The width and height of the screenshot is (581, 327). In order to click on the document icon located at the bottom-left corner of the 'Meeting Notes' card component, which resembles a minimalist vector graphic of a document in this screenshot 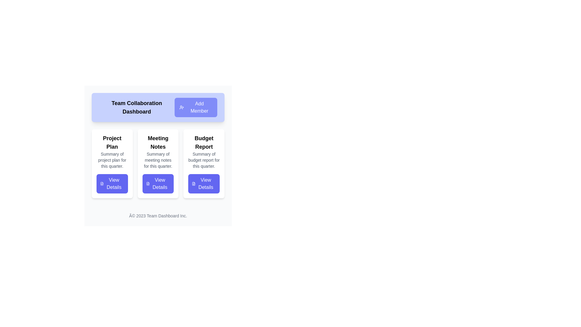, I will do `click(148, 183)`.